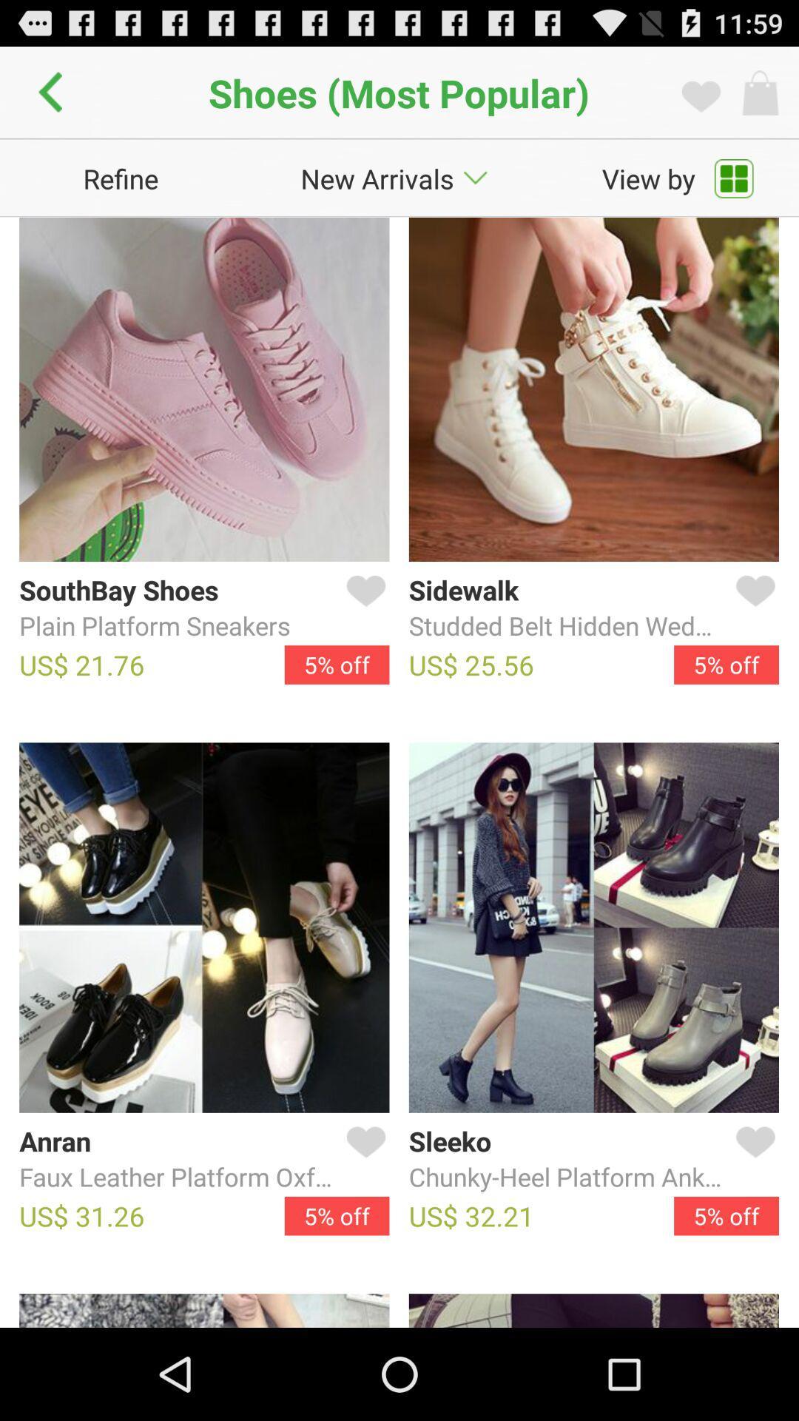 The width and height of the screenshot is (799, 1421). Describe the element at coordinates (363, 608) in the screenshot. I see `favourite icon which is after southbay shoes on the page` at that location.